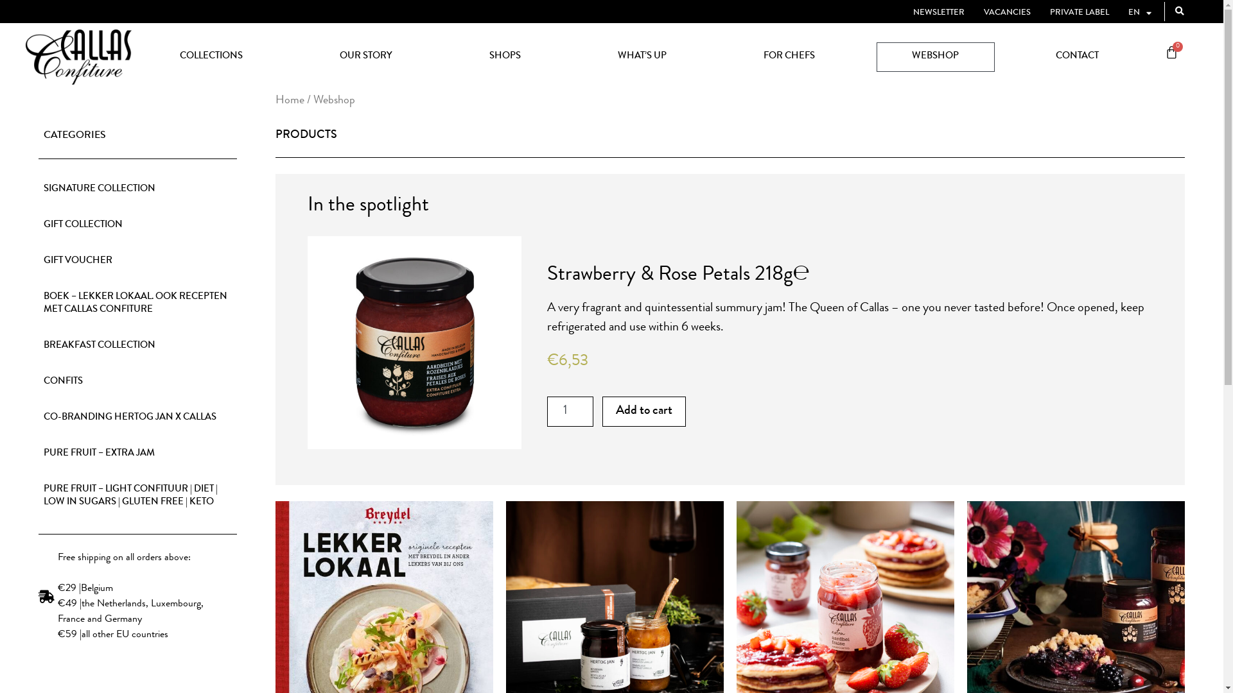 The height and width of the screenshot is (693, 1233). Describe the element at coordinates (1076, 56) in the screenshot. I see `'CONTACT'` at that location.